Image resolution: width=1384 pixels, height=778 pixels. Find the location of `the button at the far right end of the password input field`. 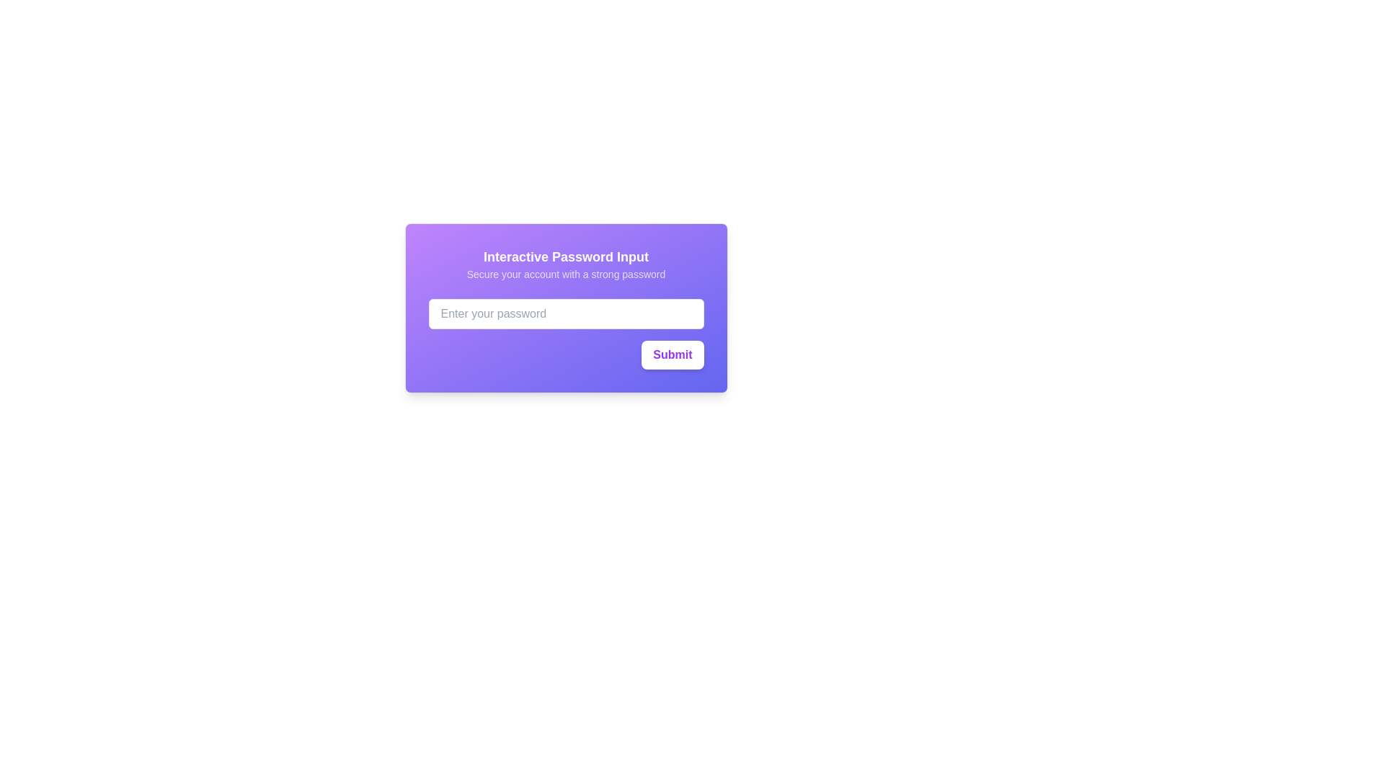

the button at the far right end of the password input field is located at coordinates (687, 313).